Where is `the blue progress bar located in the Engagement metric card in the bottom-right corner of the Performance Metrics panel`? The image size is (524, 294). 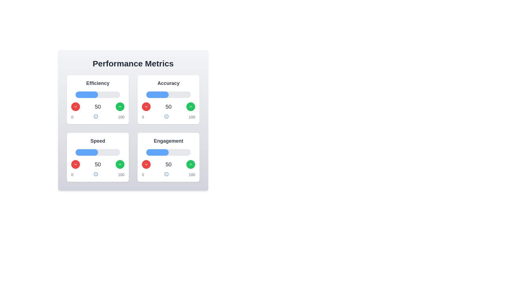
the blue progress bar located in the Engagement metric card in the bottom-right corner of the Performance Metrics panel is located at coordinates (157, 152).